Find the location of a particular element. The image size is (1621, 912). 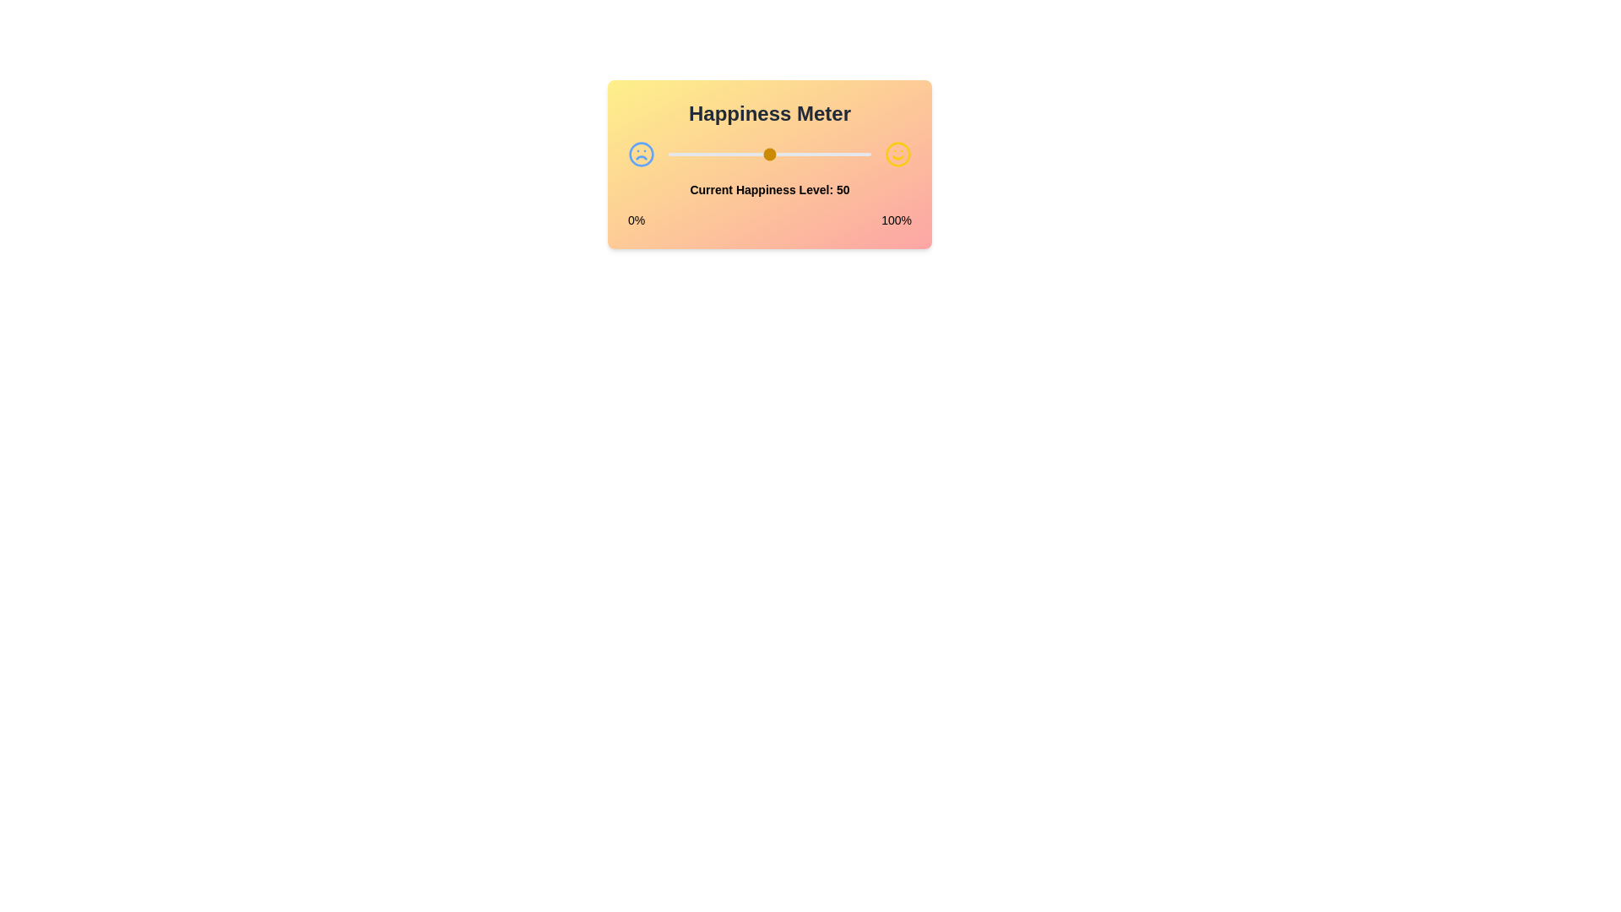

the happiness level to 32 by dragging the slider is located at coordinates (733, 154).